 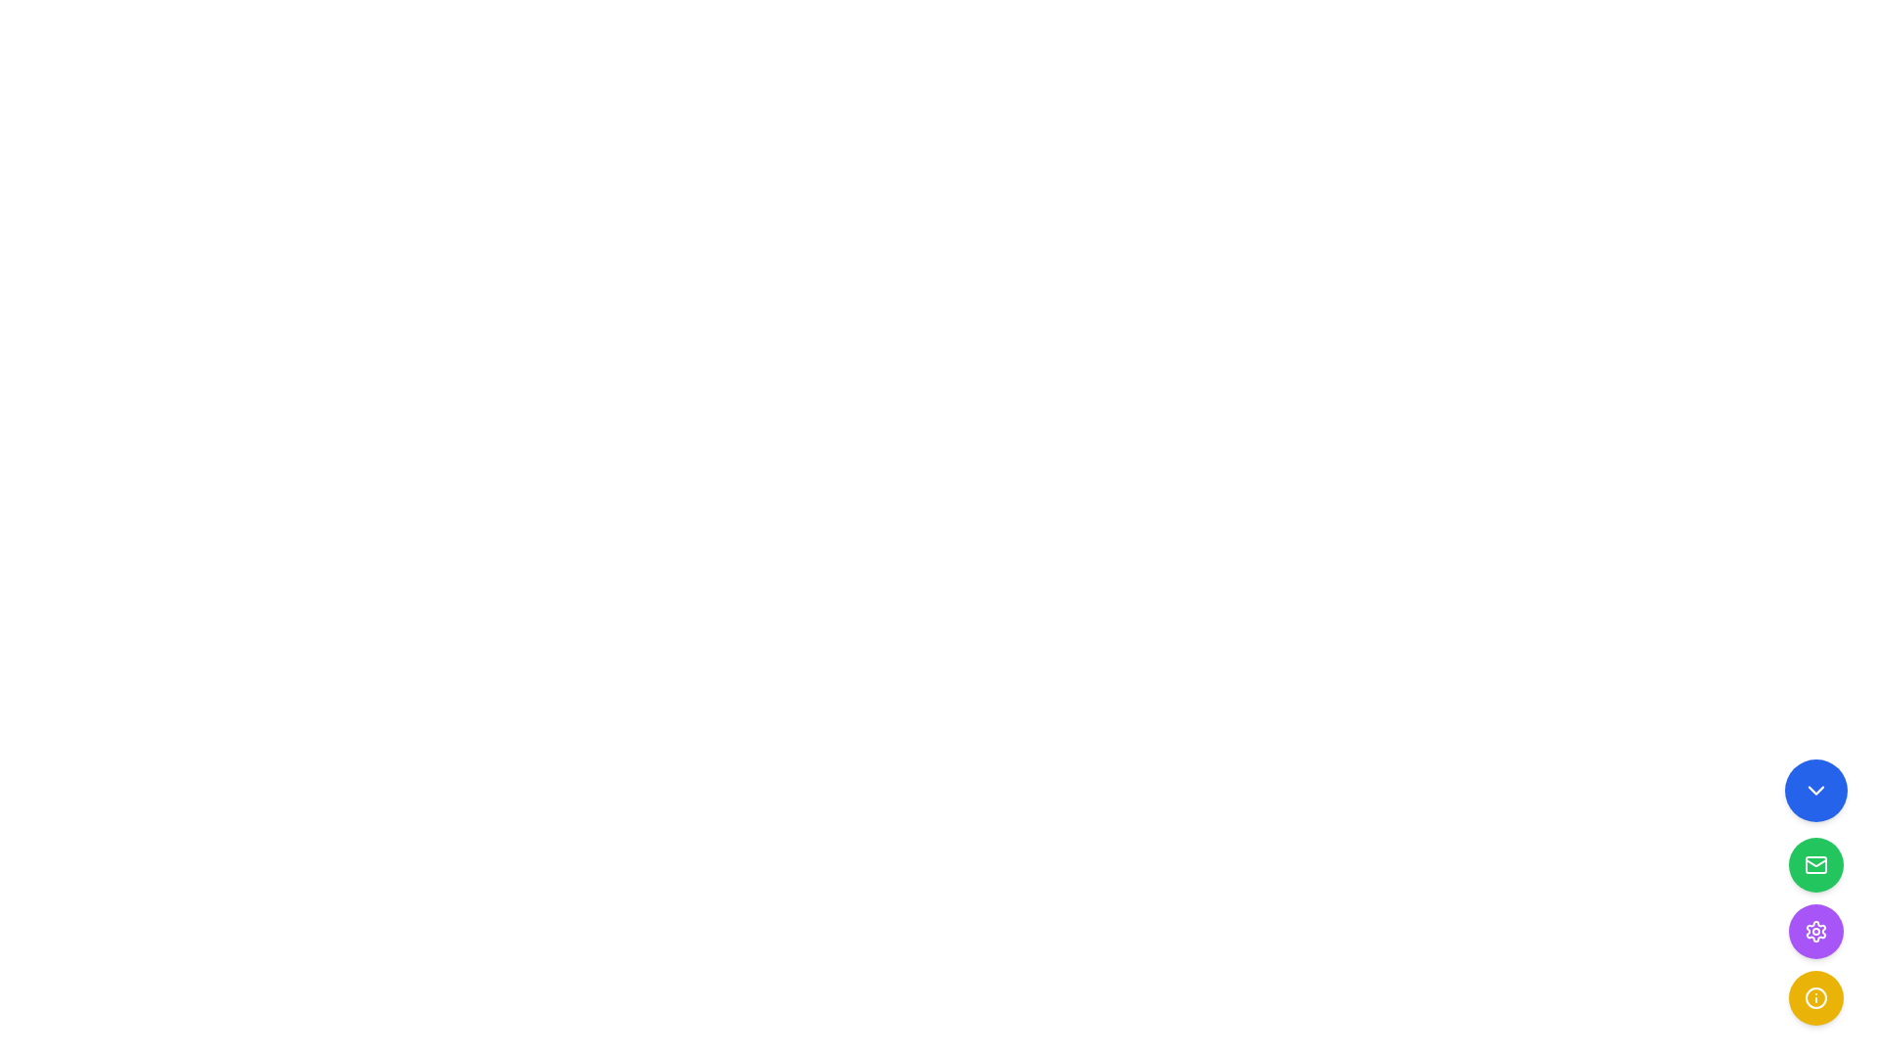 I want to click on the blue circular button icon located at the far-right of the interface, so click(x=1815, y=789).